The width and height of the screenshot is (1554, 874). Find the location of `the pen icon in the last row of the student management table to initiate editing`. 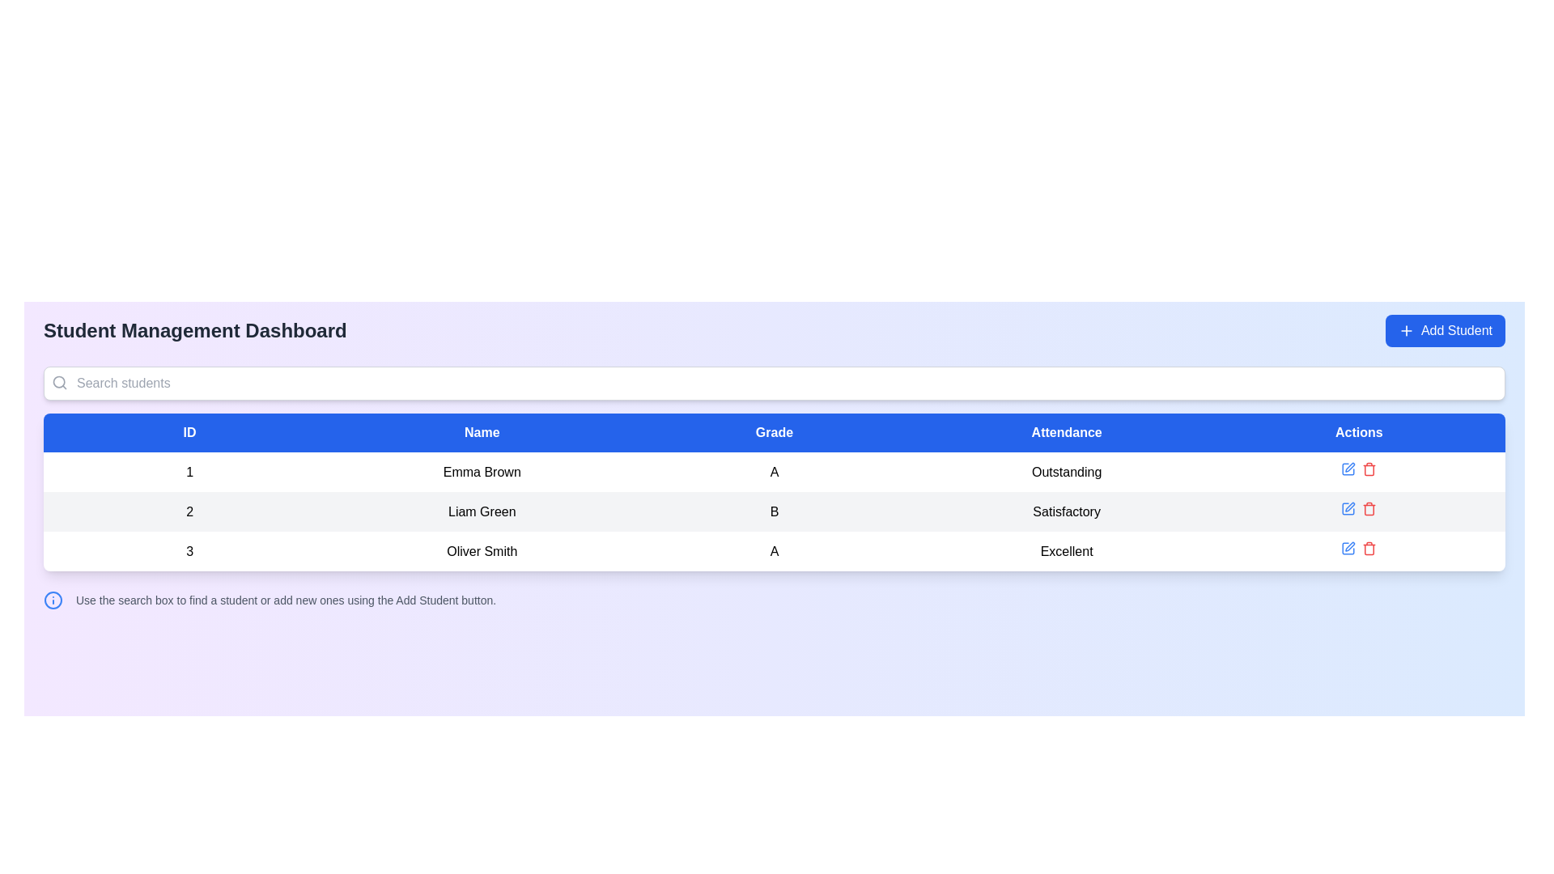

the pen icon in the last row of the student management table to initiate editing is located at coordinates (1350, 467).